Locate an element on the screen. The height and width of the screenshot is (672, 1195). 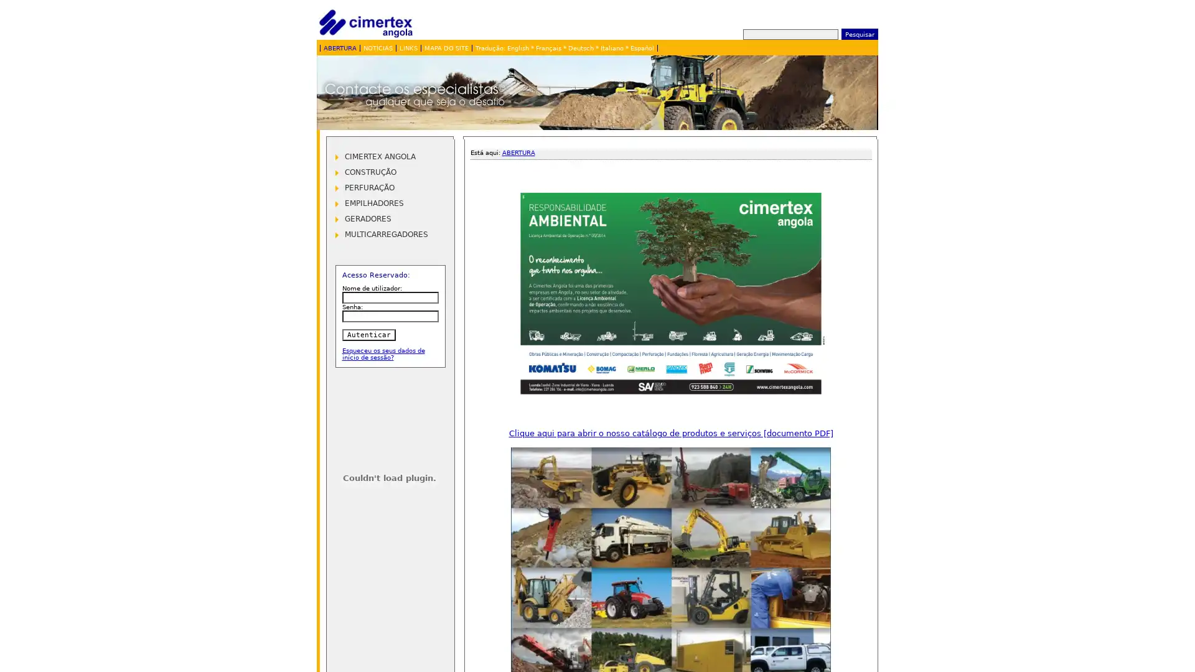
Autenticar is located at coordinates (367, 334).